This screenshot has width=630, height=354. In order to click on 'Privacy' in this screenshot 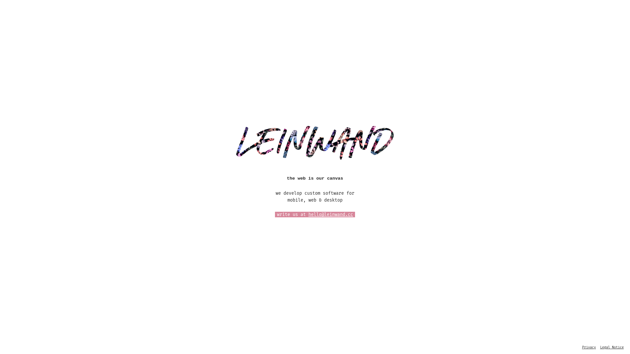, I will do `click(589, 347)`.